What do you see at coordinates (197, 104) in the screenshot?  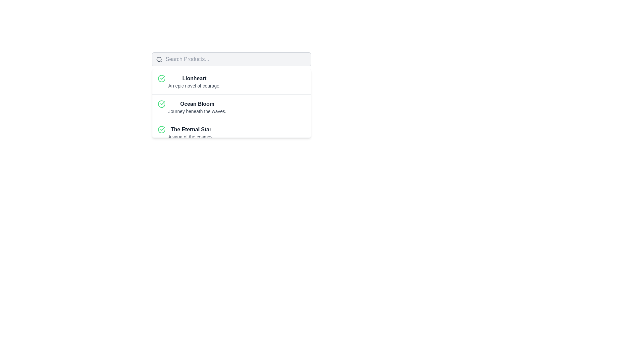 I see `text displayed as 'Ocean Bloom' in a bold and dark gray font, which is the title of the second list item in the vertical list structure` at bounding box center [197, 104].